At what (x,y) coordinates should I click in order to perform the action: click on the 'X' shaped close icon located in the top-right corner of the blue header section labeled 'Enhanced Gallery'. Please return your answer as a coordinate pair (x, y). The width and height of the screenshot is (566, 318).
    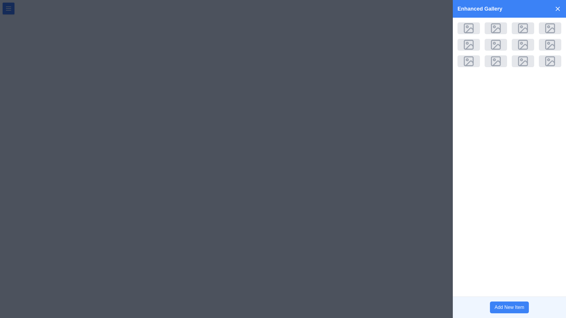
    Looking at the image, I should click on (557, 9).